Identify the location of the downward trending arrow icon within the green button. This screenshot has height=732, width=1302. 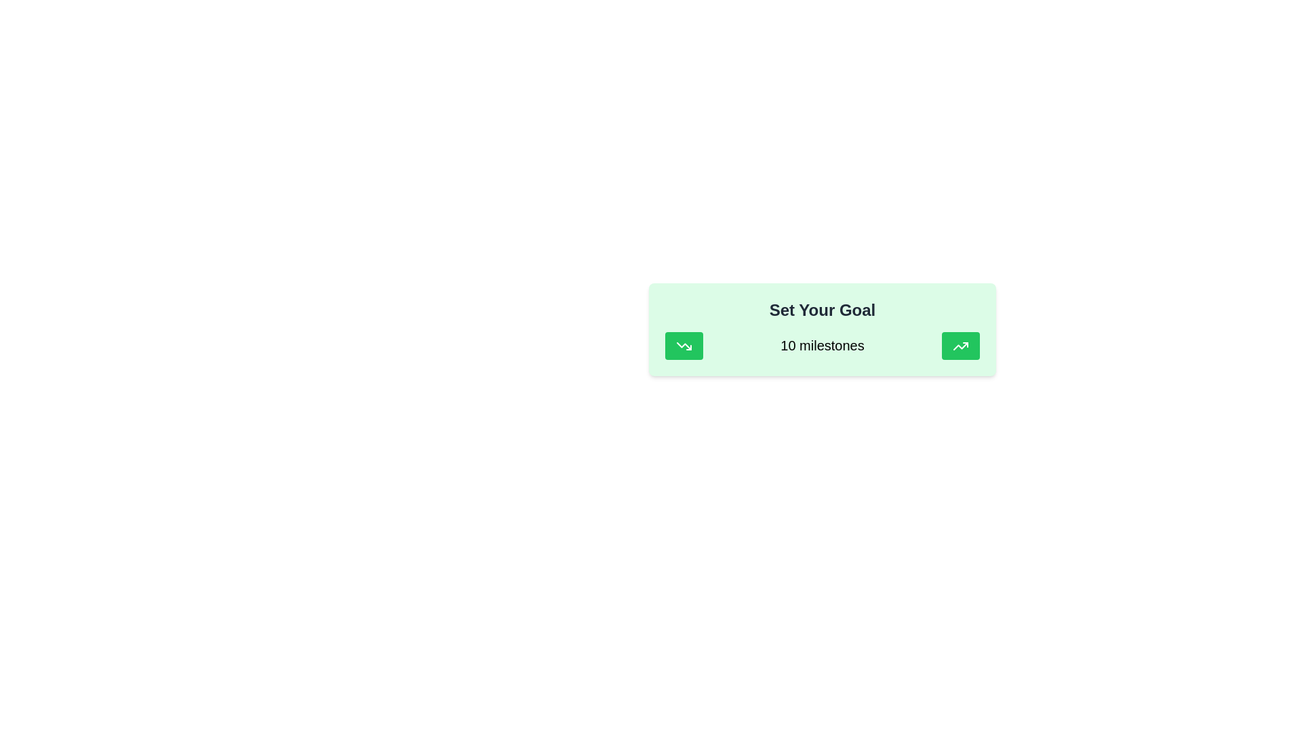
(684, 344).